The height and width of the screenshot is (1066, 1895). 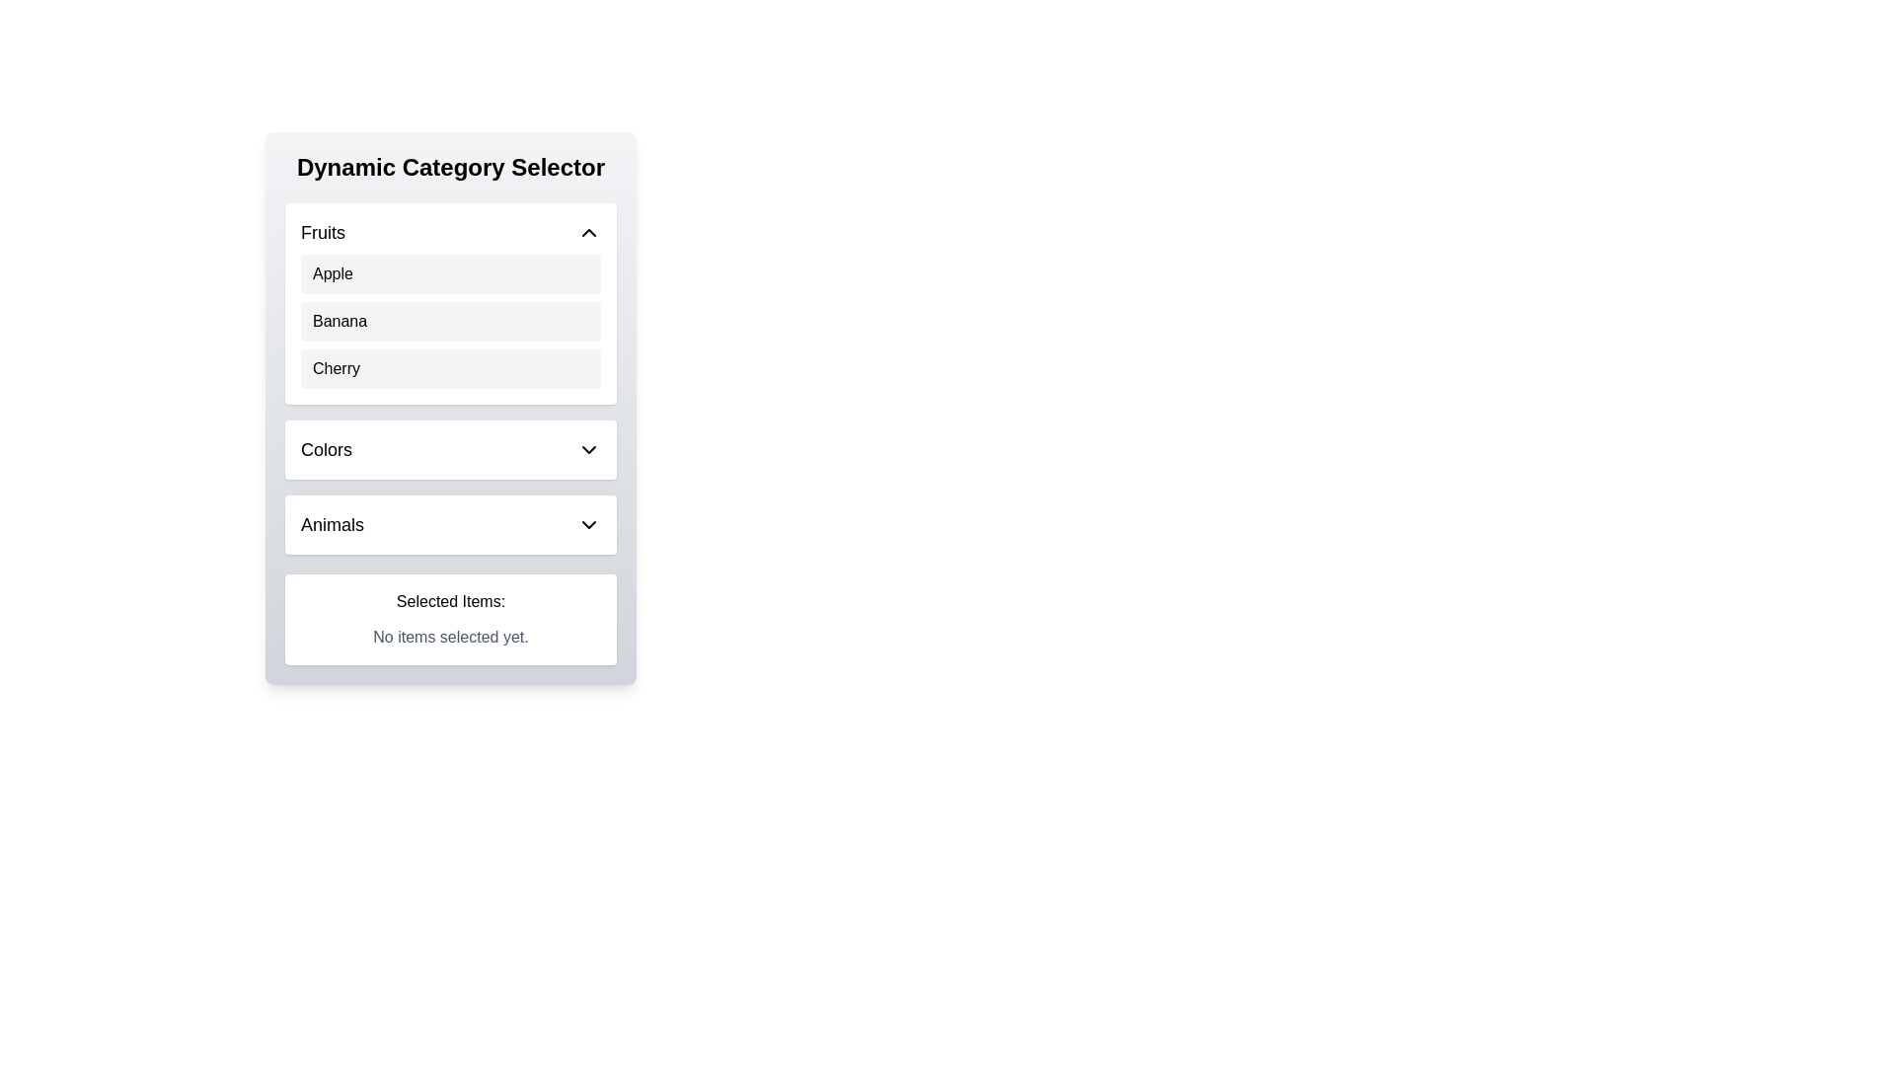 What do you see at coordinates (449, 273) in the screenshot?
I see `the 'Apple' selectable item in the 'Fruits' list` at bounding box center [449, 273].